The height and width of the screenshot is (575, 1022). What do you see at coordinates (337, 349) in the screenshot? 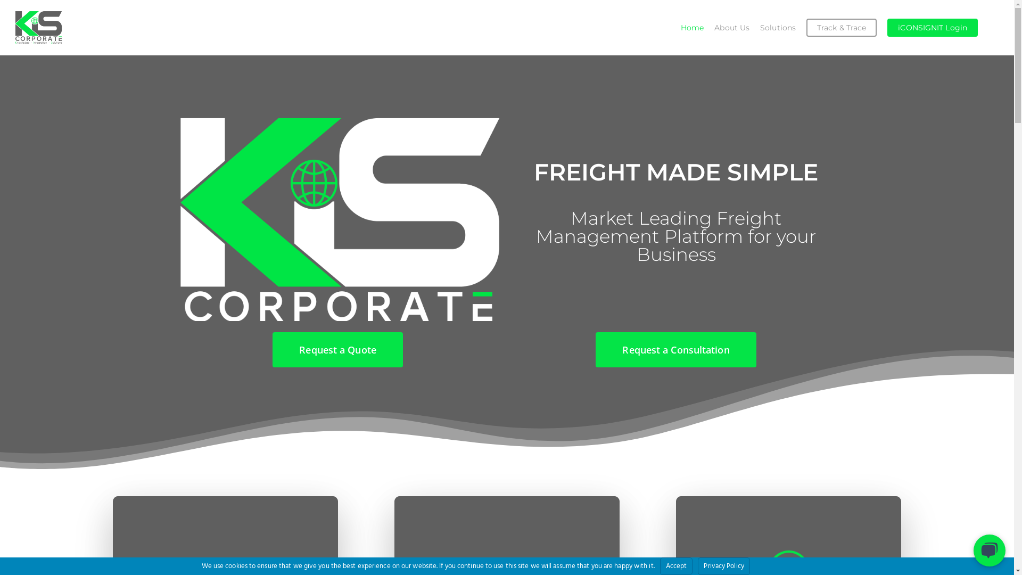
I see `'Request a Quote'` at bounding box center [337, 349].